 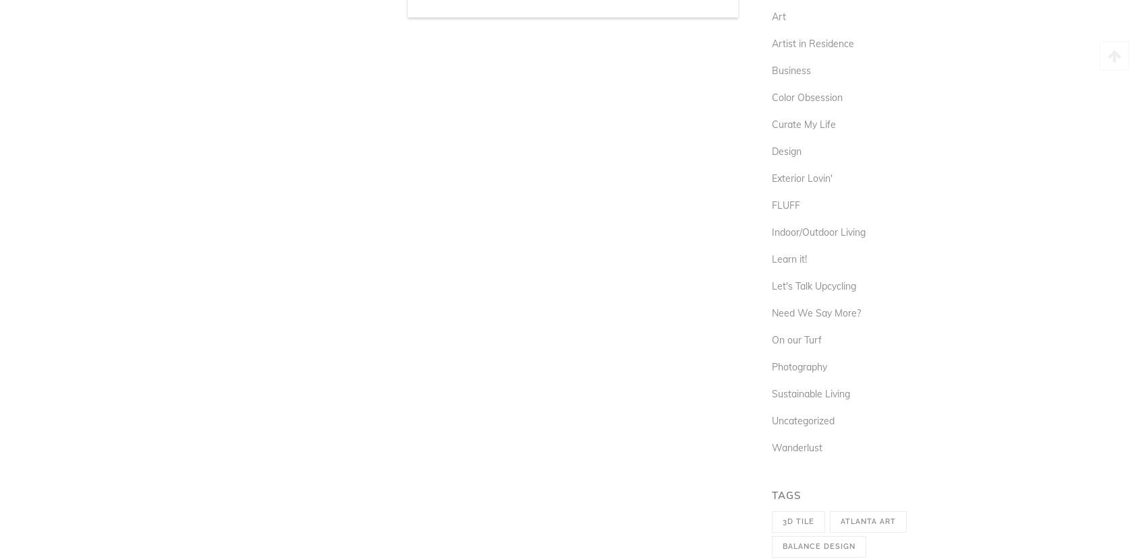 What do you see at coordinates (798, 366) in the screenshot?
I see `'Photography'` at bounding box center [798, 366].